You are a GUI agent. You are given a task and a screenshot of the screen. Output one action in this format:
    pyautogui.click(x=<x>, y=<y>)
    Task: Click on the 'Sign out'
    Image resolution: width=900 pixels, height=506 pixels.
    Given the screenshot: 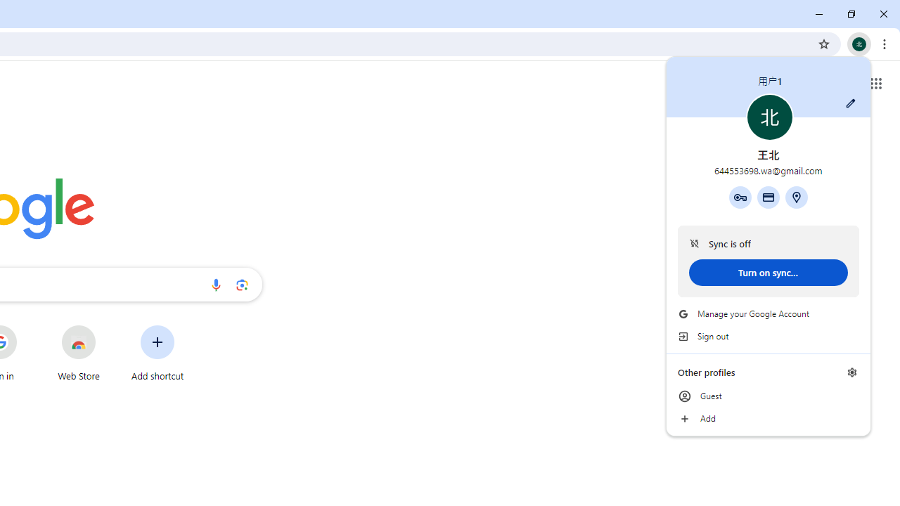 What is the action you would take?
    pyautogui.click(x=768, y=337)
    